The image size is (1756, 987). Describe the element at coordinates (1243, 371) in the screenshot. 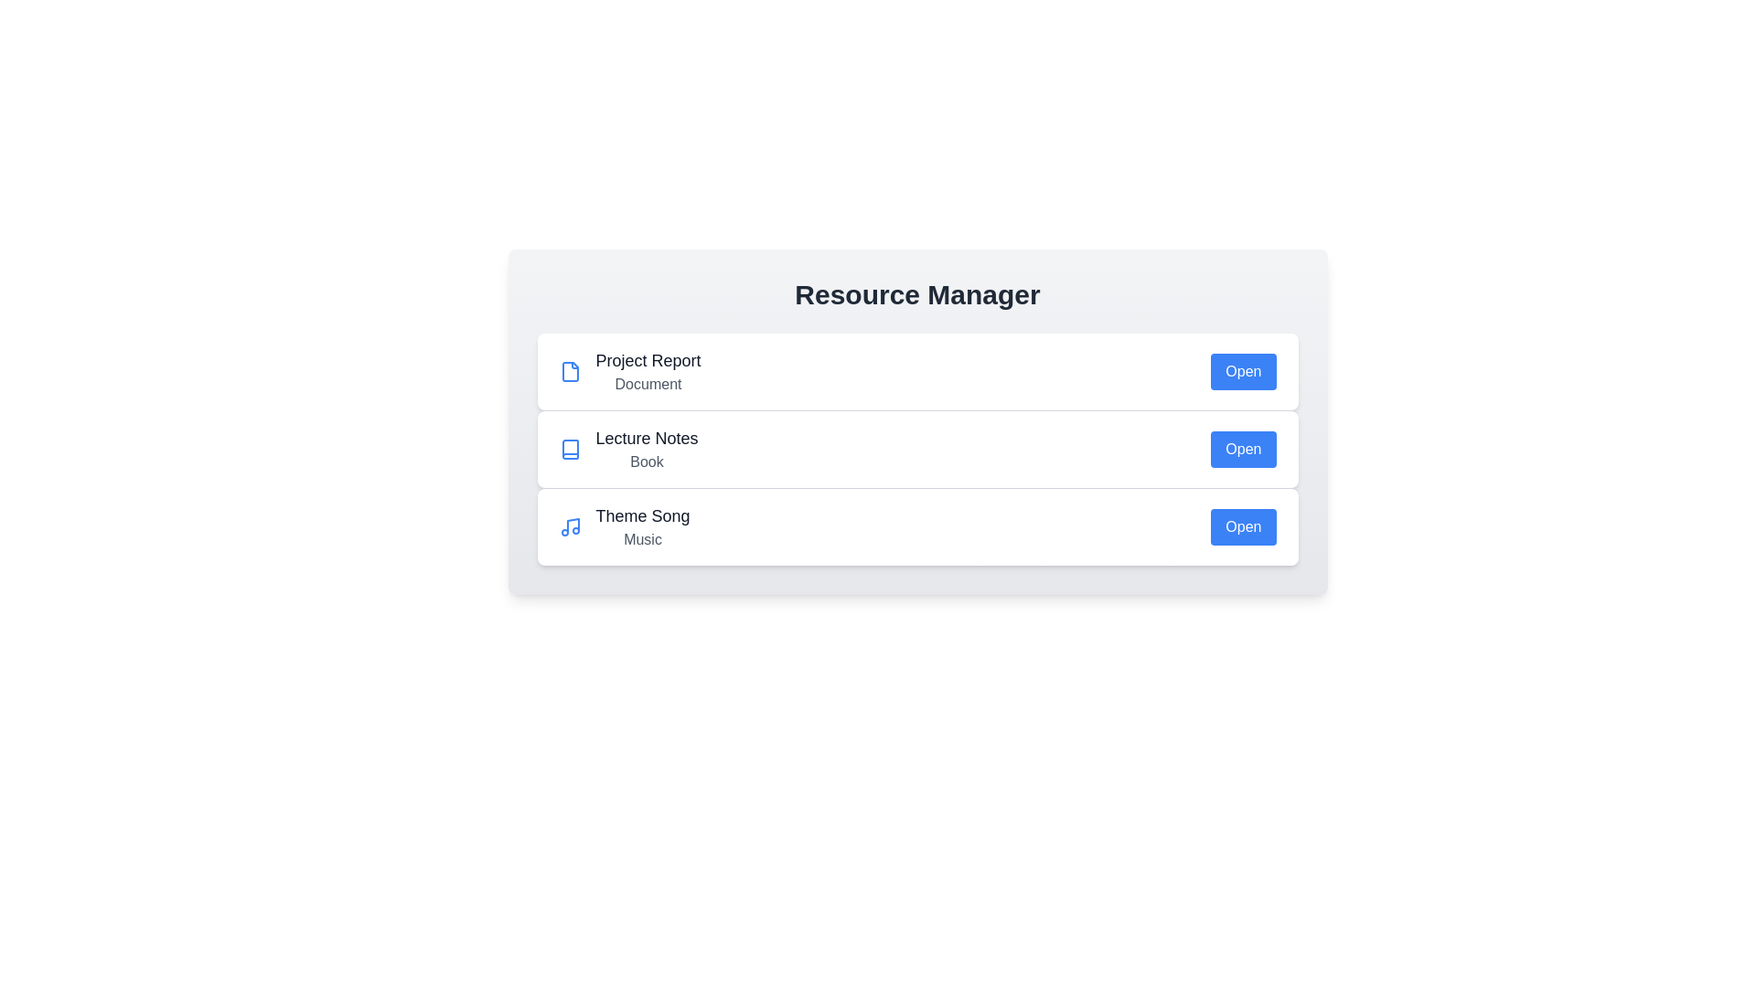

I see `'Open' button for the resource identified by Project Report` at that location.